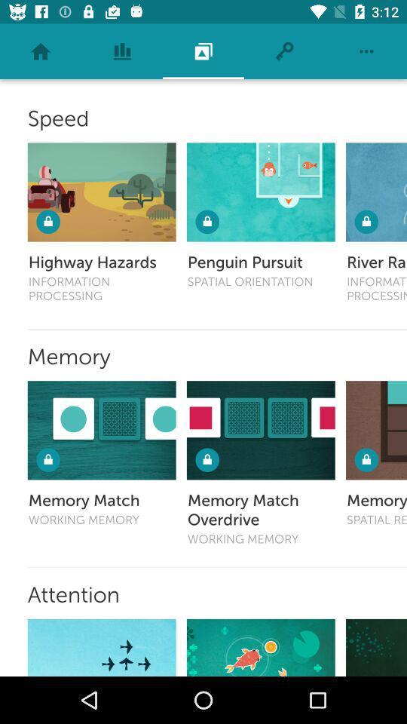 The width and height of the screenshot is (407, 724). What do you see at coordinates (375, 191) in the screenshot?
I see `speed game` at bounding box center [375, 191].